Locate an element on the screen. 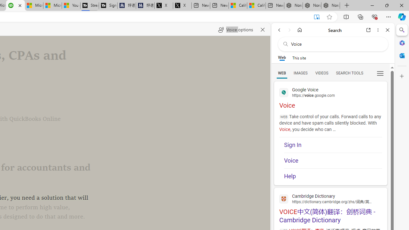 Image resolution: width=409 pixels, height=230 pixels. 'SEARCH TOOLS' is located at coordinates (349, 73).